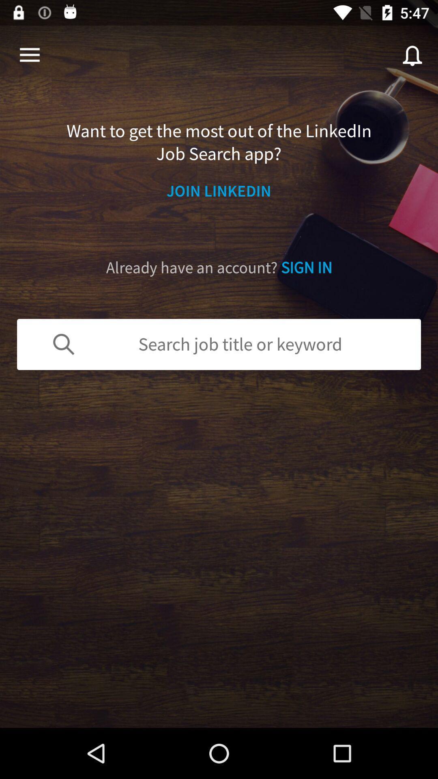 This screenshot has width=438, height=779. I want to click on the already have an item, so click(219, 268).